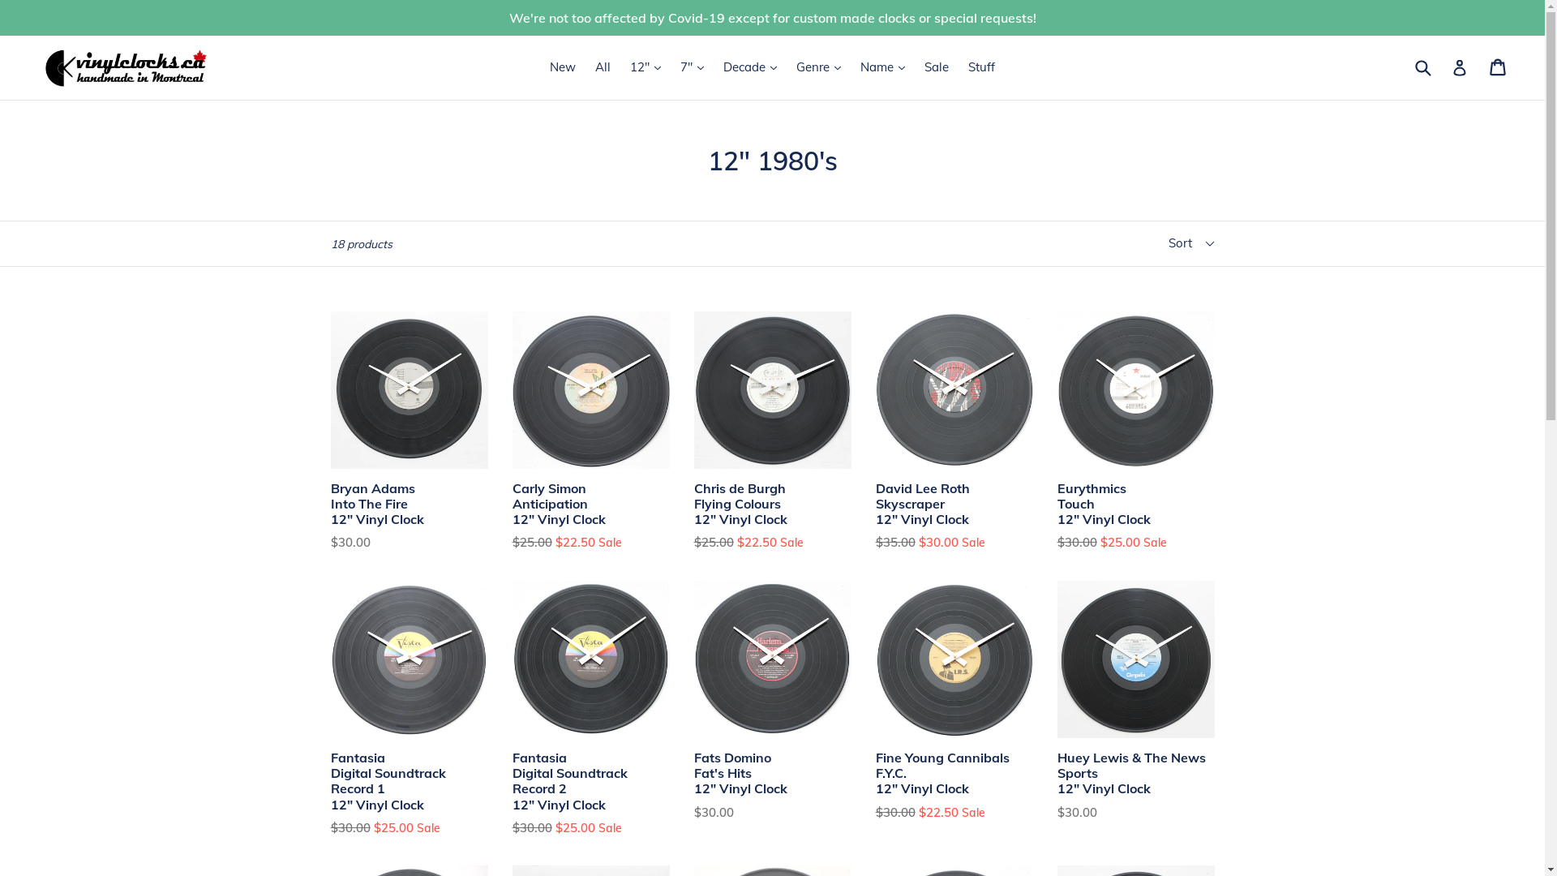 The image size is (1557, 876). What do you see at coordinates (916, 67) in the screenshot?
I see `'Sale'` at bounding box center [916, 67].